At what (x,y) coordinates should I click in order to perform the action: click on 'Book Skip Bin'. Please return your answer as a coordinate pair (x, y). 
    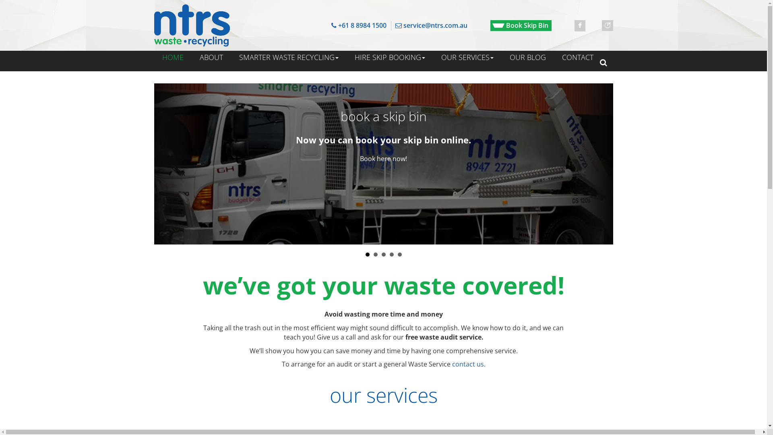
    Looking at the image, I should click on (521, 25).